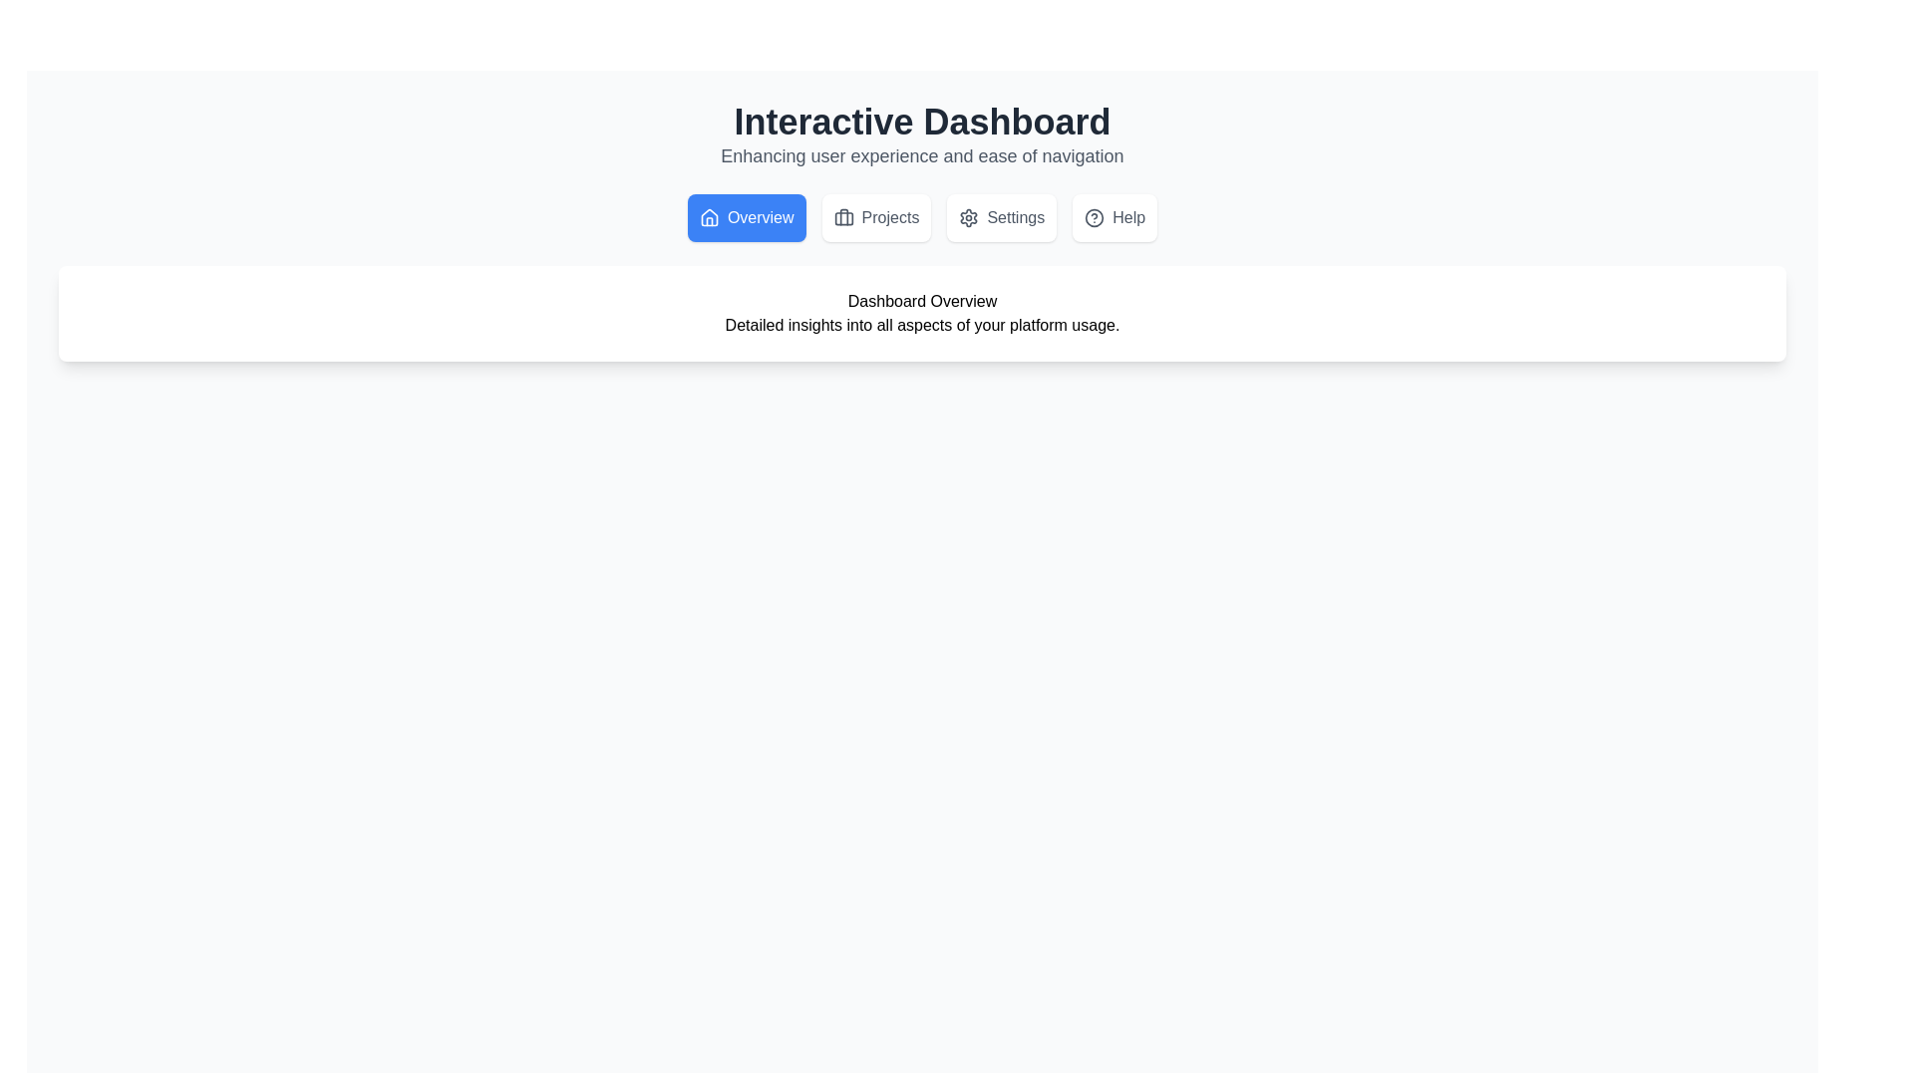  Describe the element at coordinates (843, 217) in the screenshot. I see `the vertical line within the briefcase icon, which is the second button from the left in the navigation bar under the 'Interactive Dashboard' title` at that location.